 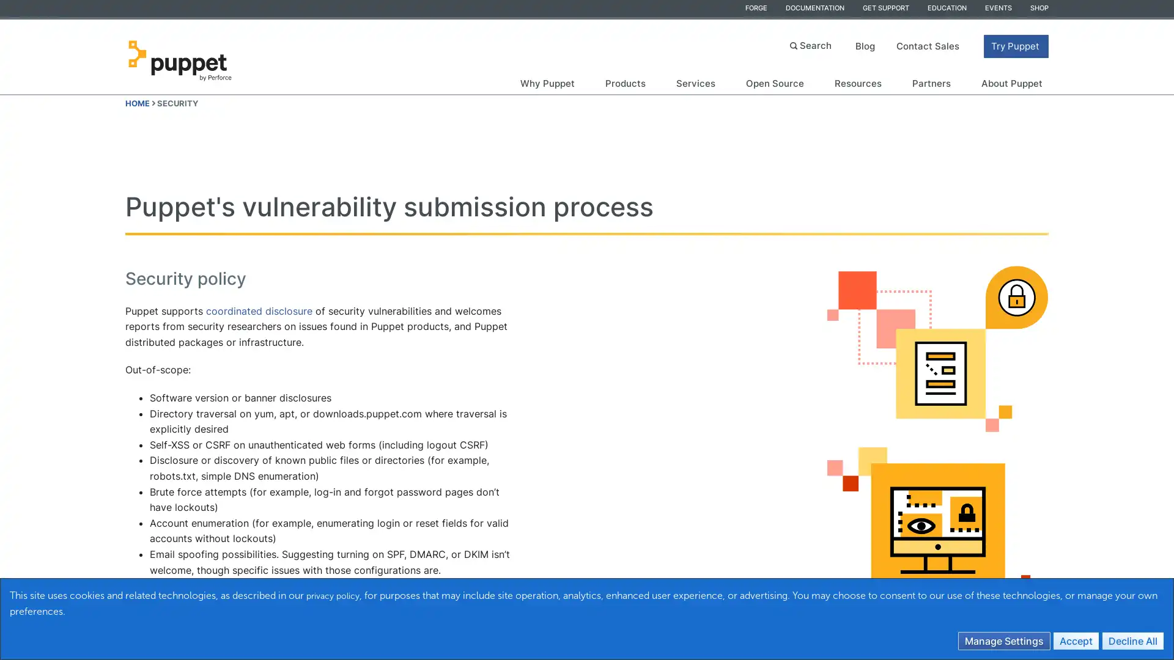 What do you see at coordinates (812, 44) in the screenshot?
I see `Search` at bounding box center [812, 44].